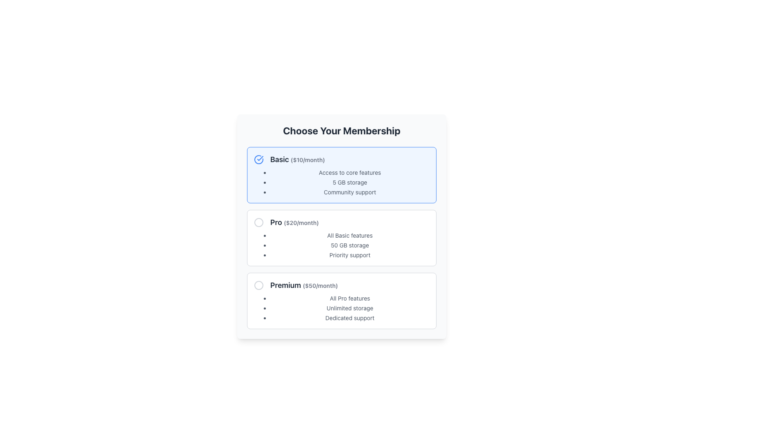  Describe the element at coordinates (258, 159) in the screenshot. I see `the circular graphic icon within the blue-bordered box of the 'Basic ($10/month)' membership option` at that location.